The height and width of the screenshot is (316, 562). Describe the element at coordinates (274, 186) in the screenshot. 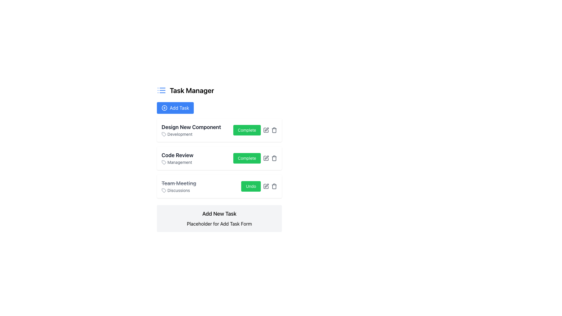

I see `the trash bin icon used for deleting the 'Team Meeting' task entry in the task management interface` at that location.